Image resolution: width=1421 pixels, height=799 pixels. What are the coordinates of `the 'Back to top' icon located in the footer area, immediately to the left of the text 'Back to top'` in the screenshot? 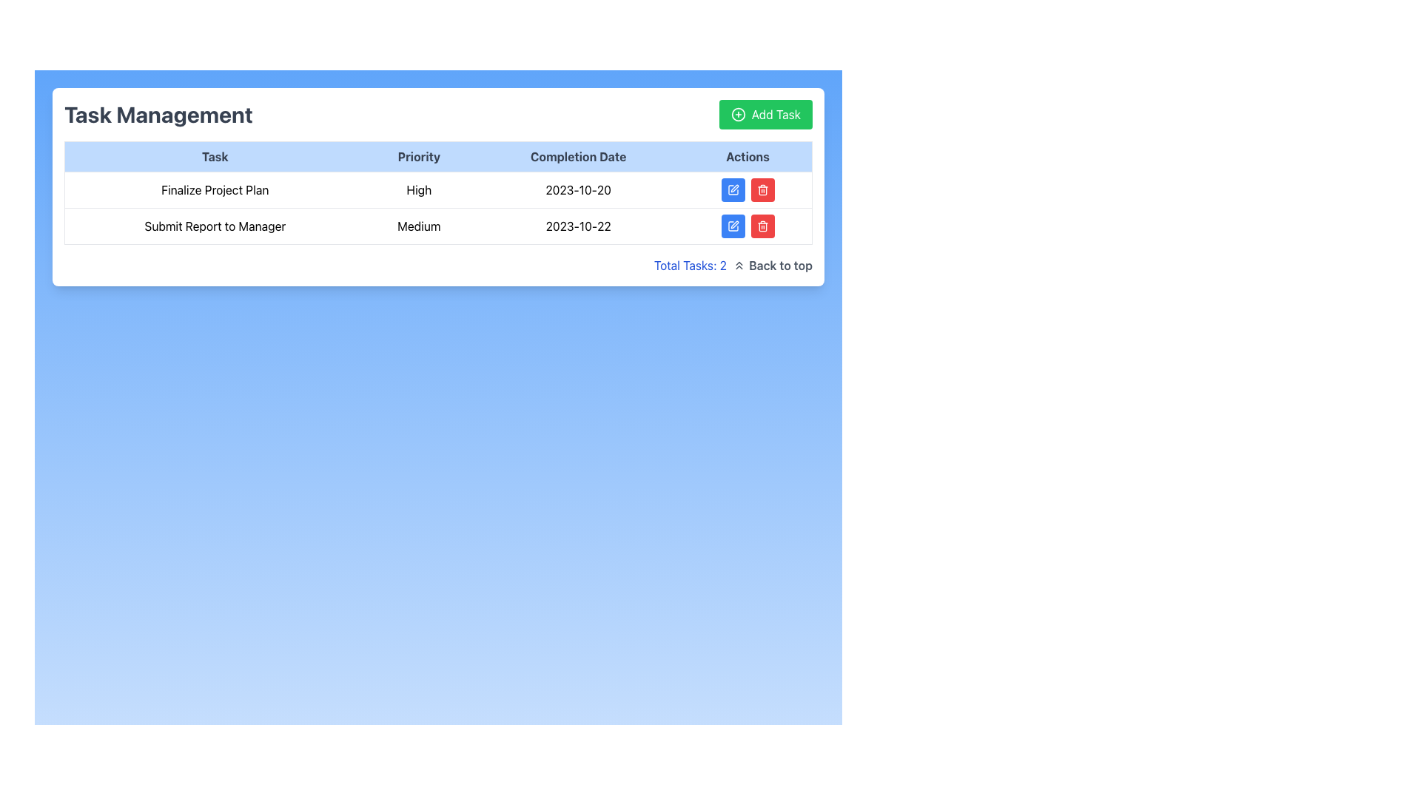 It's located at (739, 264).